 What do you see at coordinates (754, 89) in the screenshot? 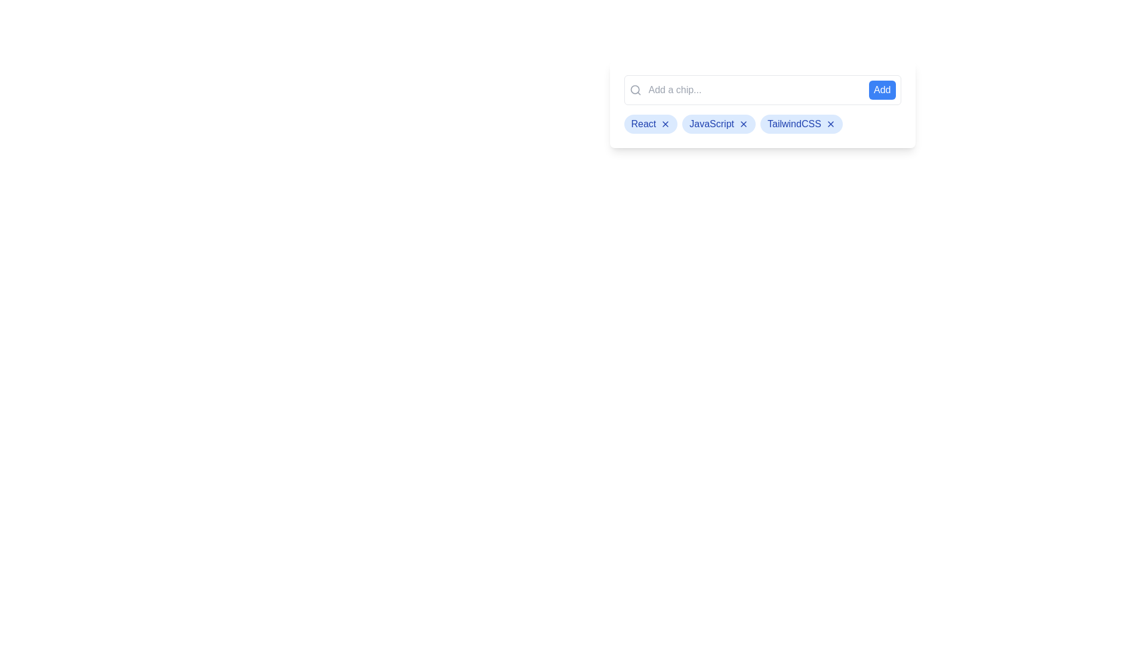
I see `the input field to focus on it` at bounding box center [754, 89].